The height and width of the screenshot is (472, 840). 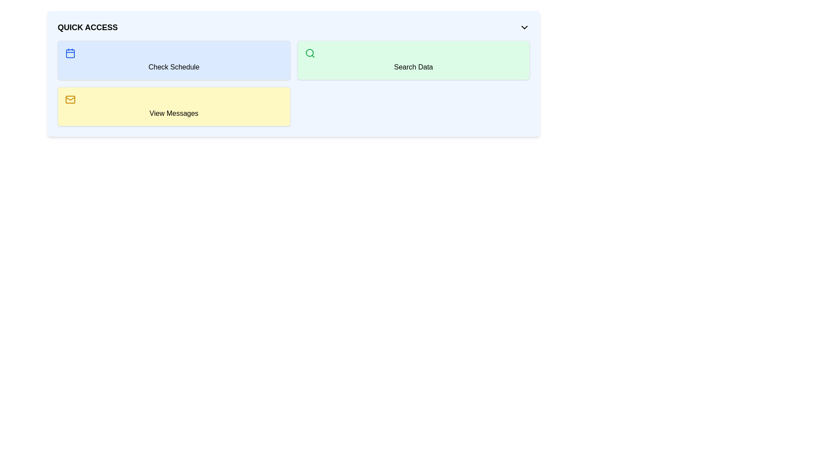 I want to click on the envelope icon with a yellow border located at the top-left corner of the 'View Messages' button under the 'Quick Access' header, so click(x=70, y=99).